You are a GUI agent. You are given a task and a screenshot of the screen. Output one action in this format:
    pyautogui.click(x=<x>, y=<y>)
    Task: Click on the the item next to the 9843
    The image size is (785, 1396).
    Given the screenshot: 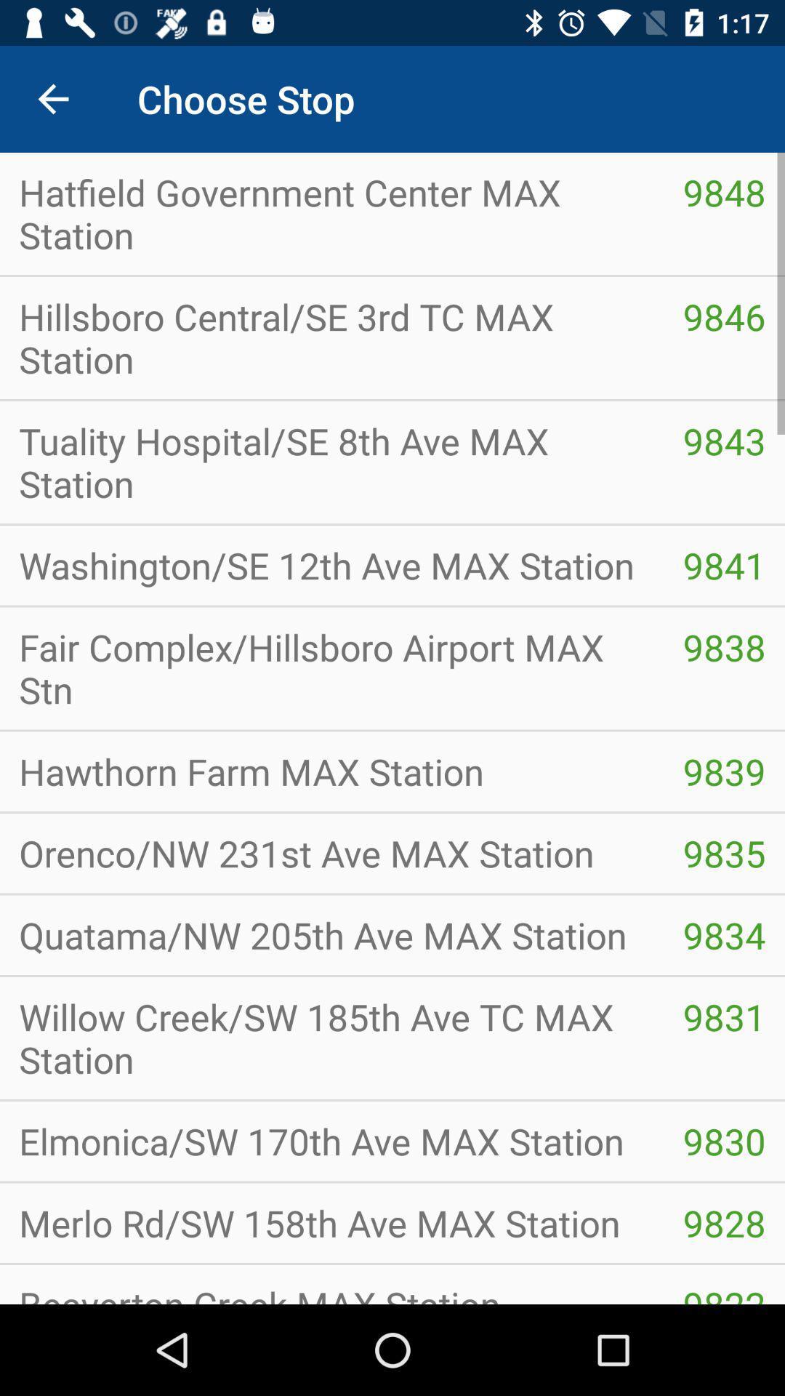 What is the action you would take?
    pyautogui.click(x=331, y=461)
    